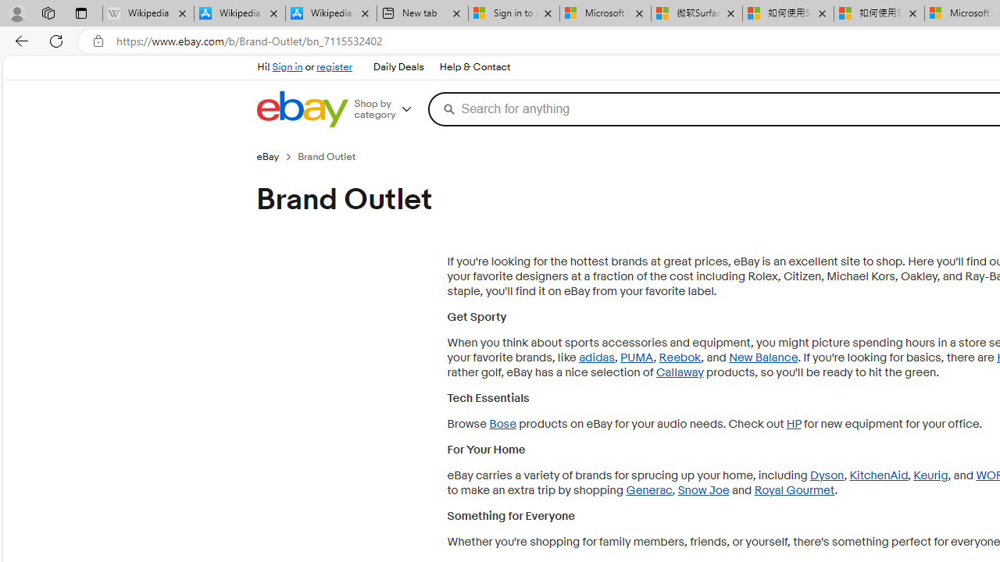 This screenshot has width=1000, height=562. What do you see at coordinates (474, 67) in the screenshot?
I see `'Help & Contact'` at bounding box center [474, 67].